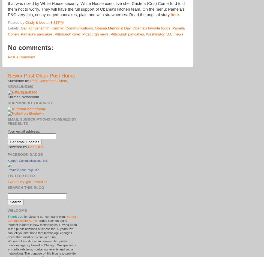 The width and height of the screenshot is (264, 257). I want to click on 'Pittsburgh news', so click(95, 34).